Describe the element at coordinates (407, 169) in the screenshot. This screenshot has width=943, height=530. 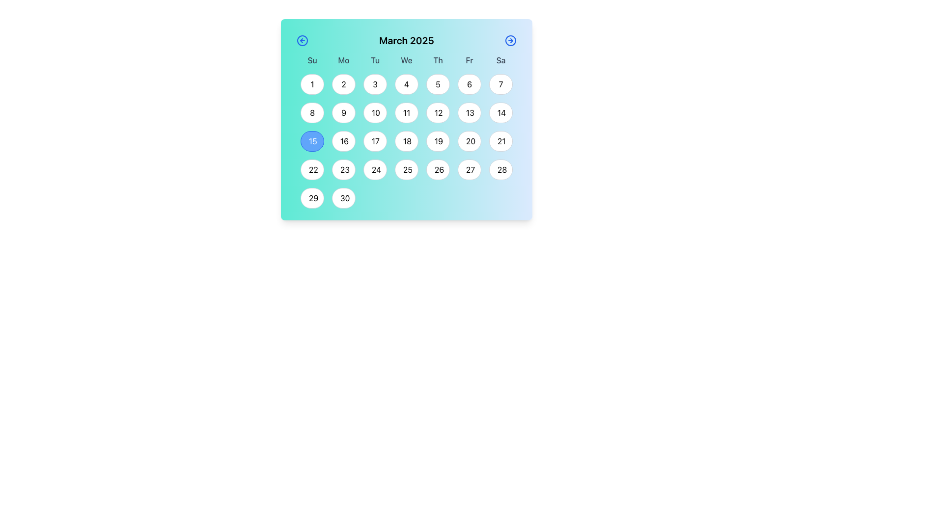
I see `the button representing the 25th day in the calendar` at that location.